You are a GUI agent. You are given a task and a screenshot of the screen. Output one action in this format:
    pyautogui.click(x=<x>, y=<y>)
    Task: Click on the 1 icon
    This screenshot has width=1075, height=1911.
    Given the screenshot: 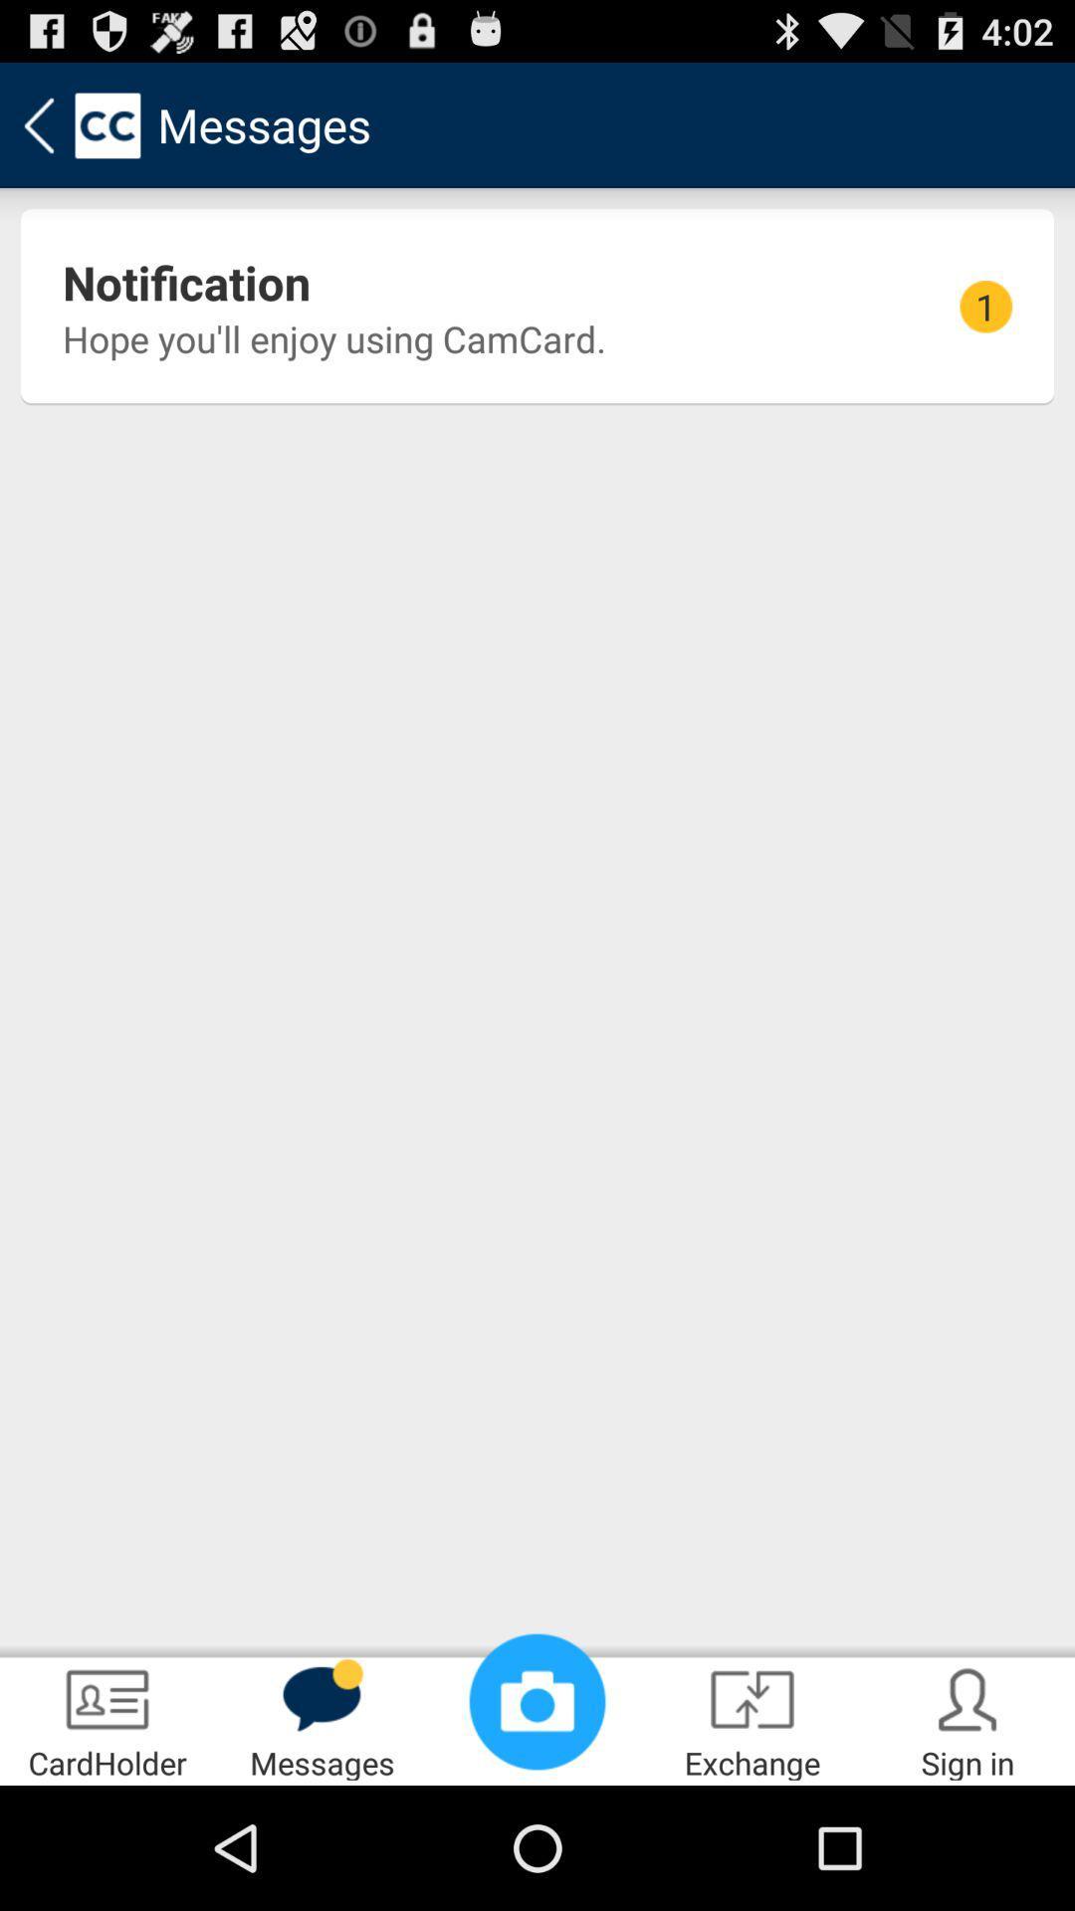 What is the action you would take?
    pyautogui.click(x=985, y=306)
    